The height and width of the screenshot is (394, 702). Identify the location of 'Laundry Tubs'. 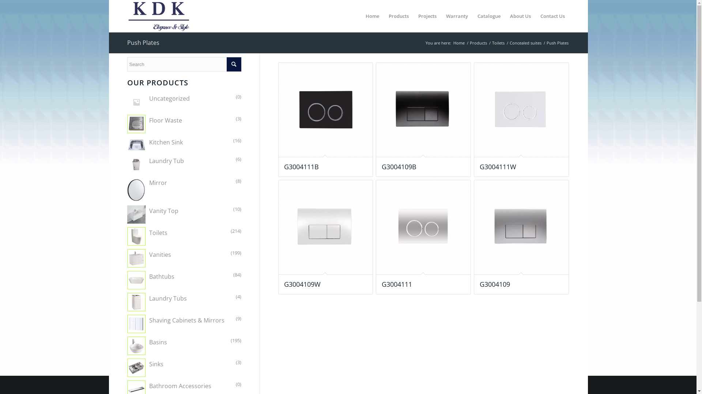
(136, 302).